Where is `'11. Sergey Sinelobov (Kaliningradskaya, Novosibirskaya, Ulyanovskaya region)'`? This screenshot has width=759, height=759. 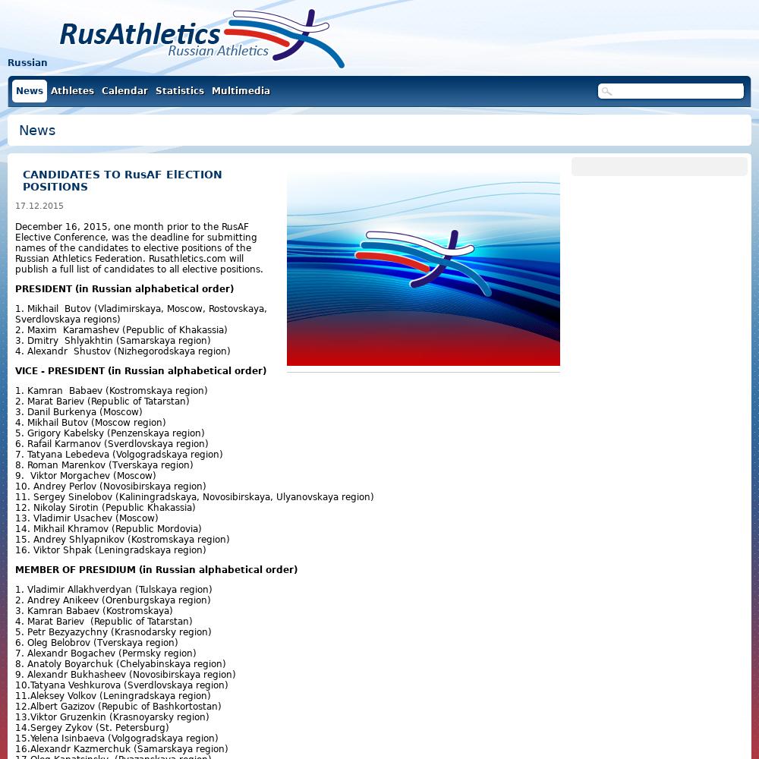
'11. Sergey Sinelobov (Kaliningradskaya, Novosibirskaya, Ulyanovskaya region)' is located at coordinates (194, 497).